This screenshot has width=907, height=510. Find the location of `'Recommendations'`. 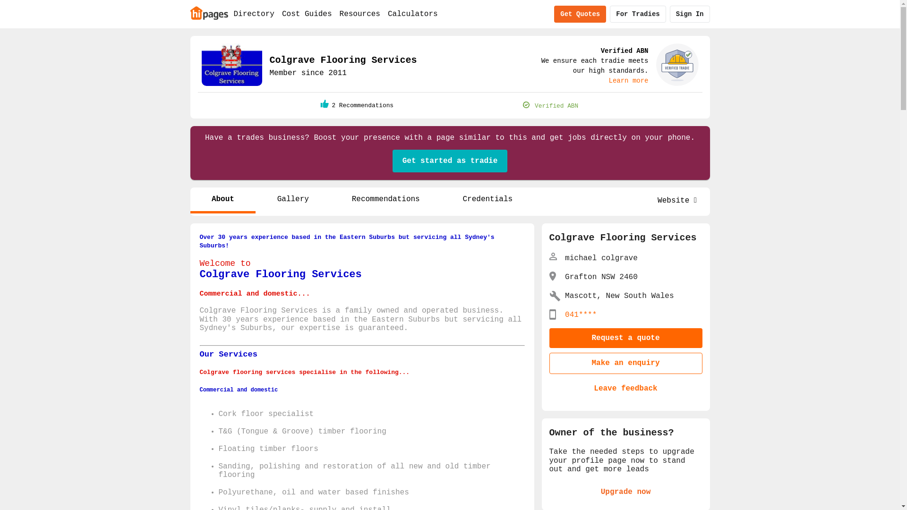

'Recommendations' is located at coordinates (385, 200).